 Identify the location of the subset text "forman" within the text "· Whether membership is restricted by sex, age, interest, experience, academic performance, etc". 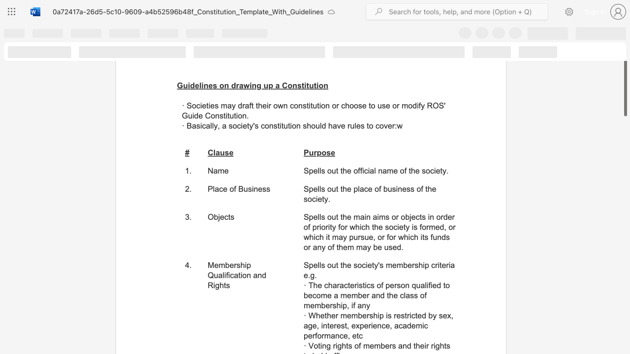
(315, 335).